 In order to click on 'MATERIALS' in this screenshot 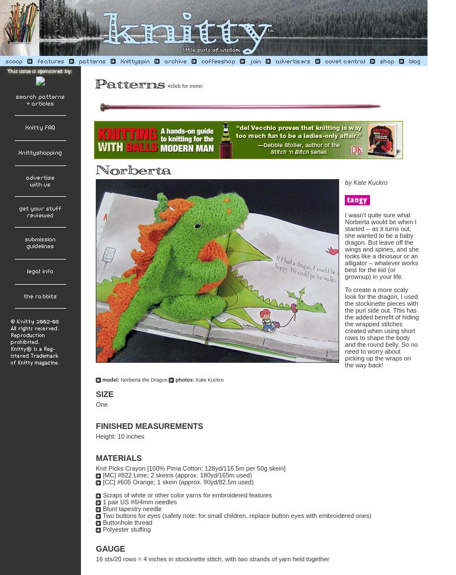, I will do `click(95, 457)`.